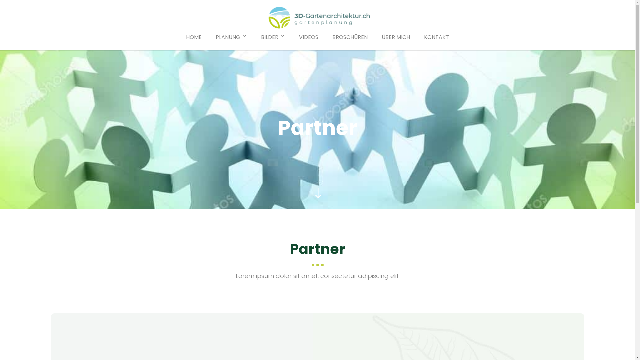  I want to click on 'BILDER', so click(273, 42).